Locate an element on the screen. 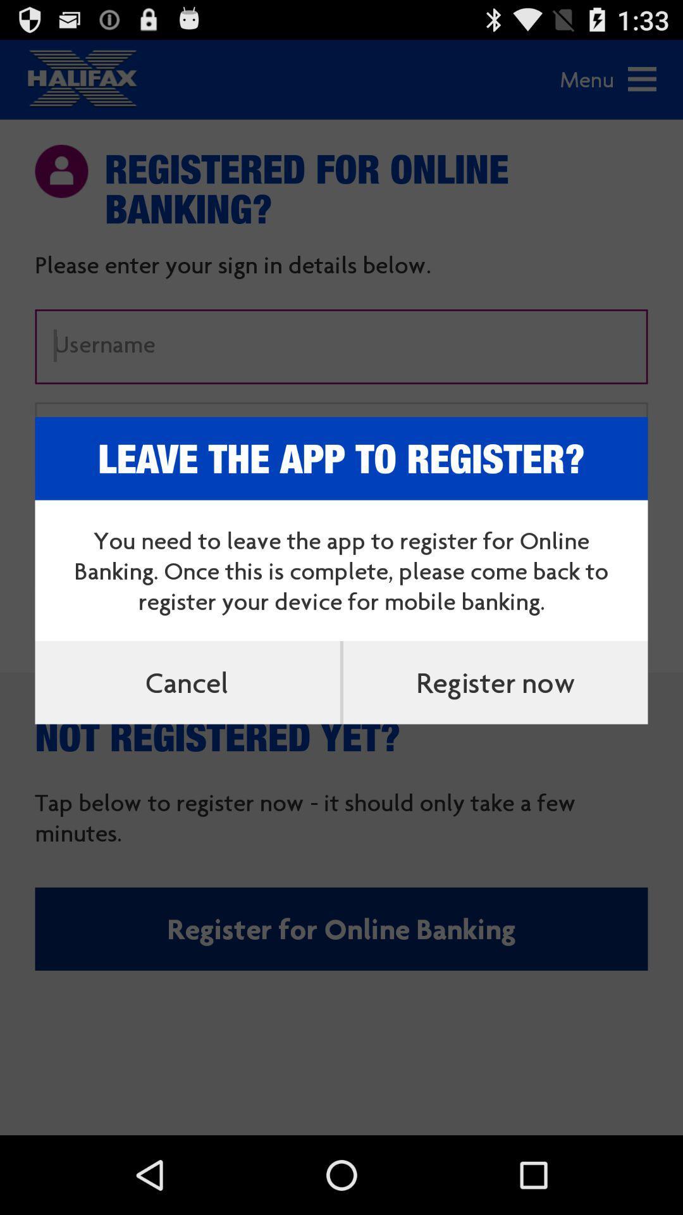  icon below the you need to is located at coordinates (187, 682).